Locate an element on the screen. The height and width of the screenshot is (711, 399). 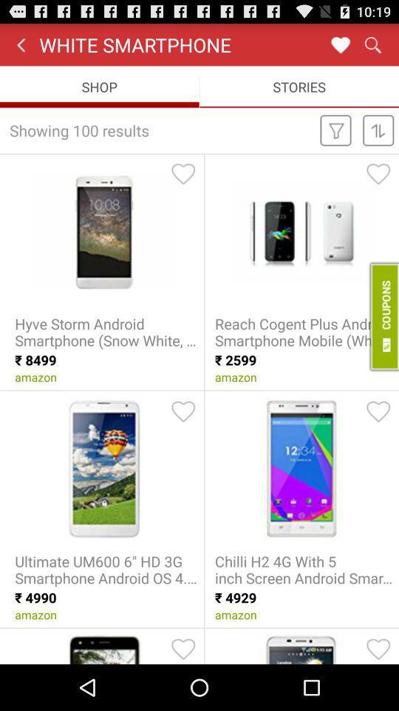
the stories item is located at coordinates (299, 87).